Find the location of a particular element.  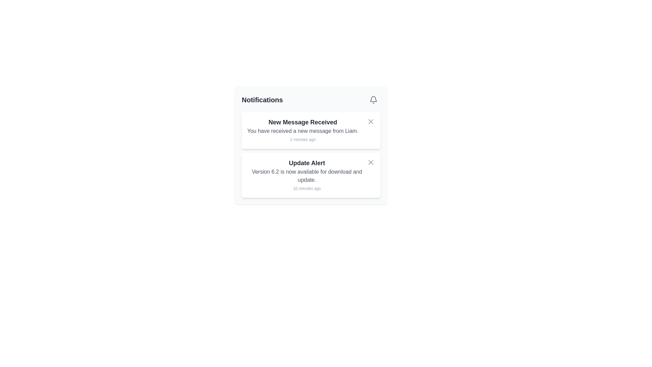

the close button located at the upper-right corner of the 'Update Alert' notification card to change its color to red is located at coordinates (370, 162).